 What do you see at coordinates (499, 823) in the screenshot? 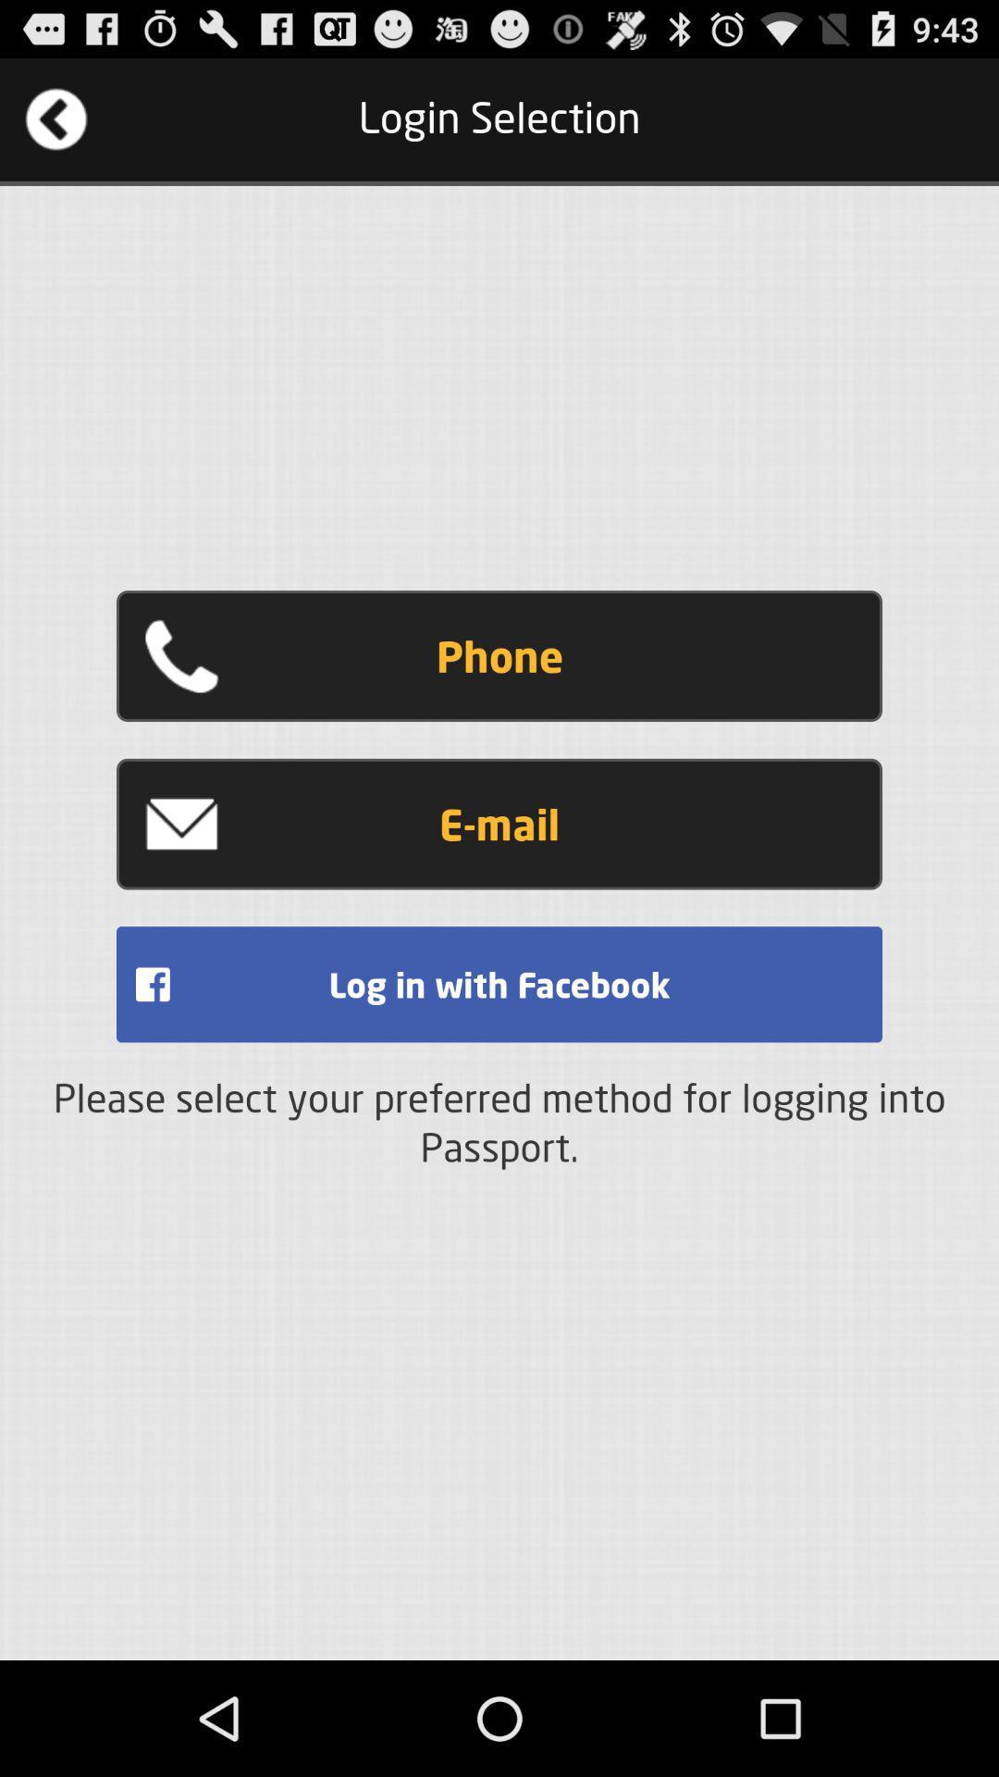
I see `the item above the log in with item` at bounding box center [499, 823].